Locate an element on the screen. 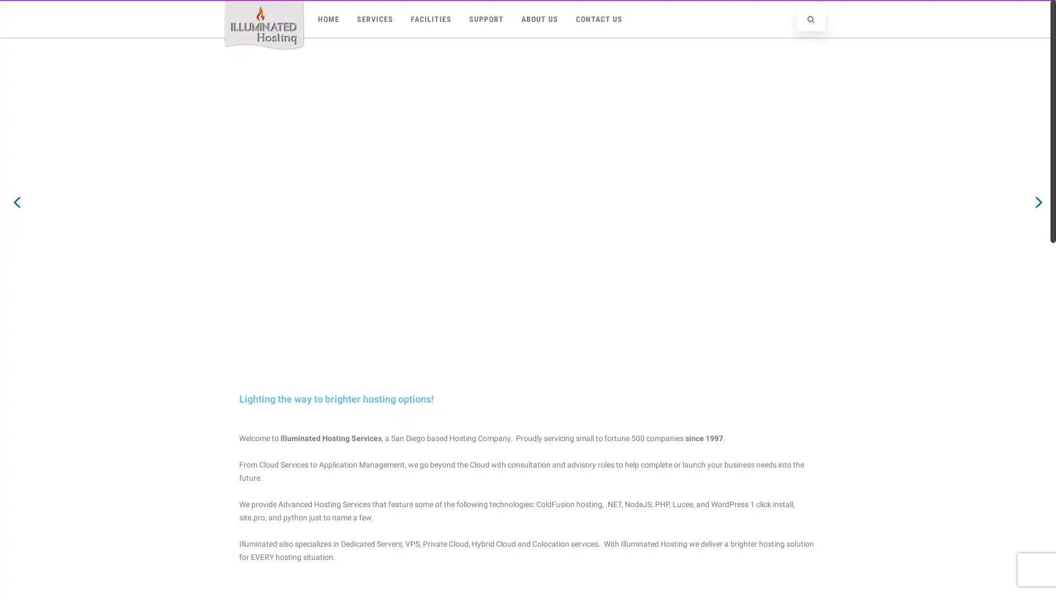 The height and width of the screenshot is (594, 1056). Cloud VPS is located at coordinates (512, 355).